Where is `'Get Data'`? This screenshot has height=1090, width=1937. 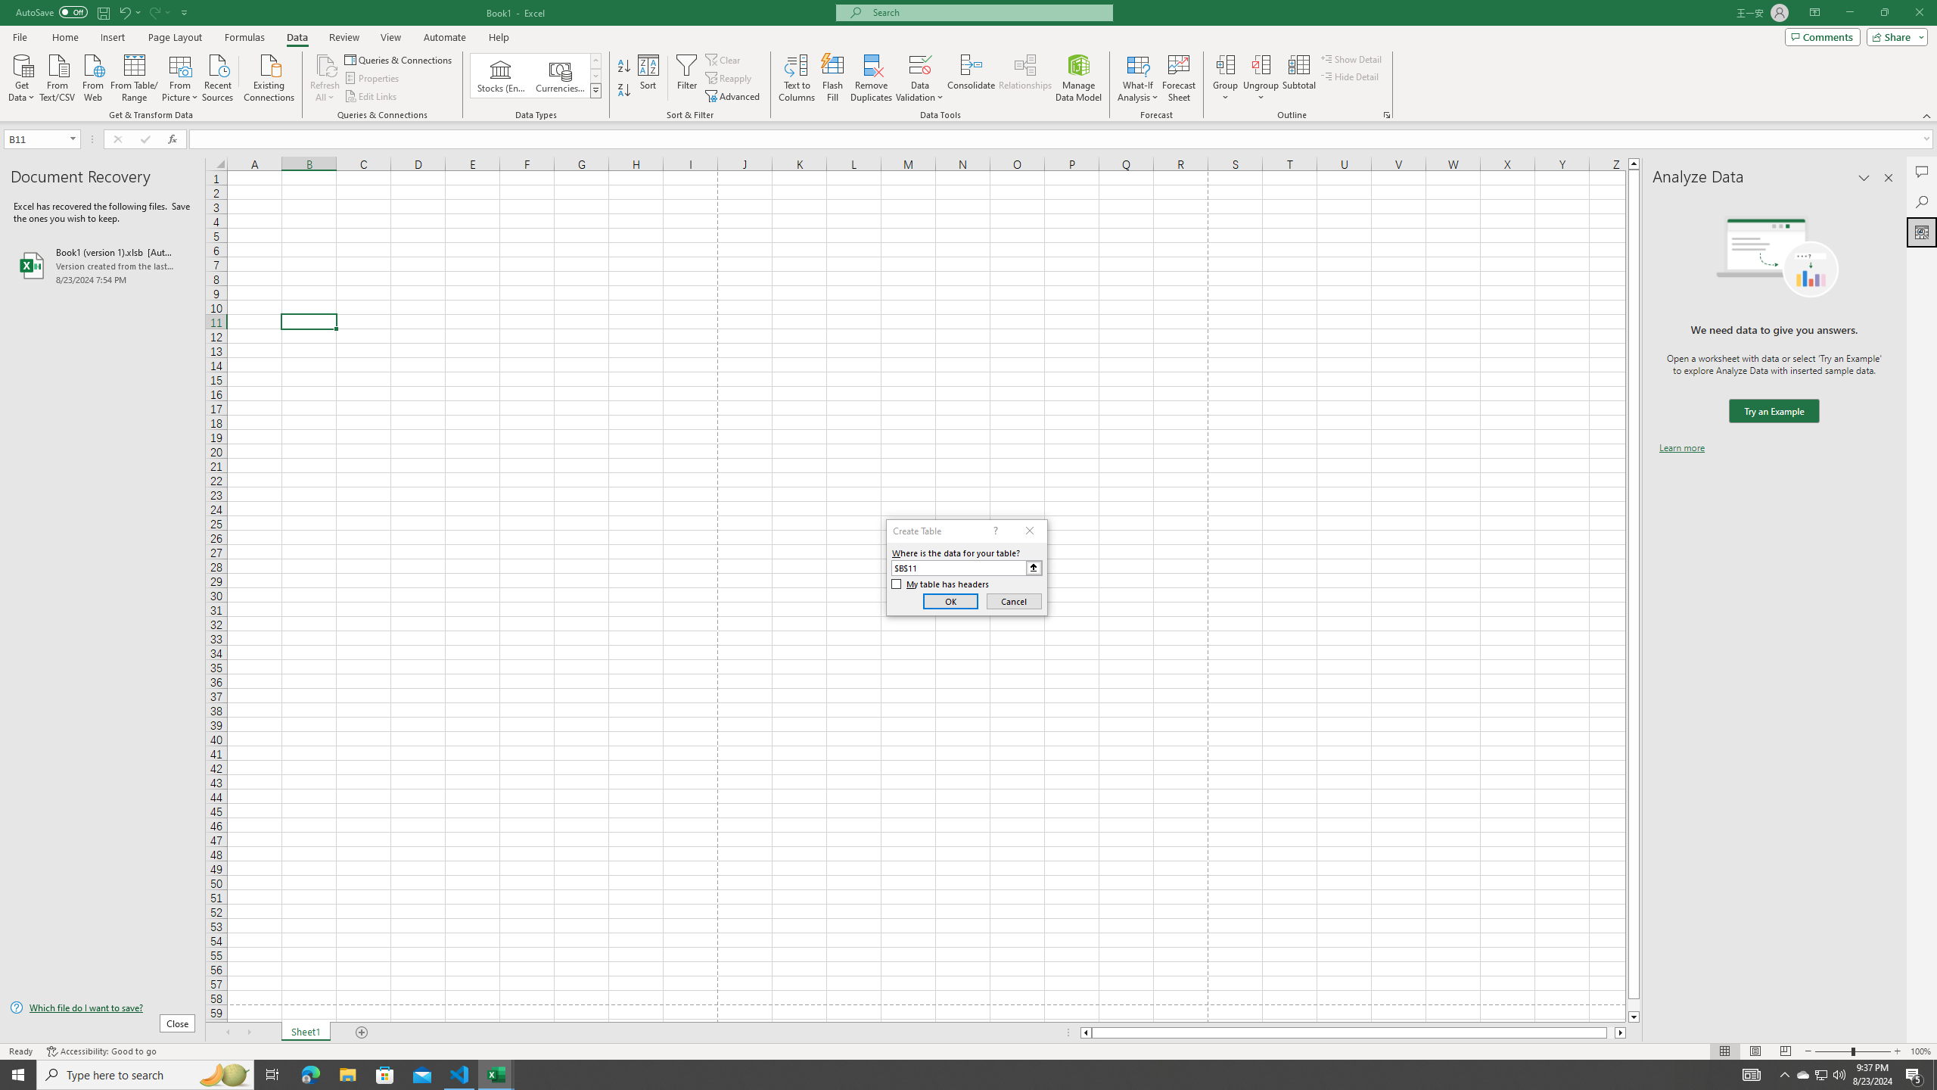
'Get Data' is located at coordinates (21, 76).